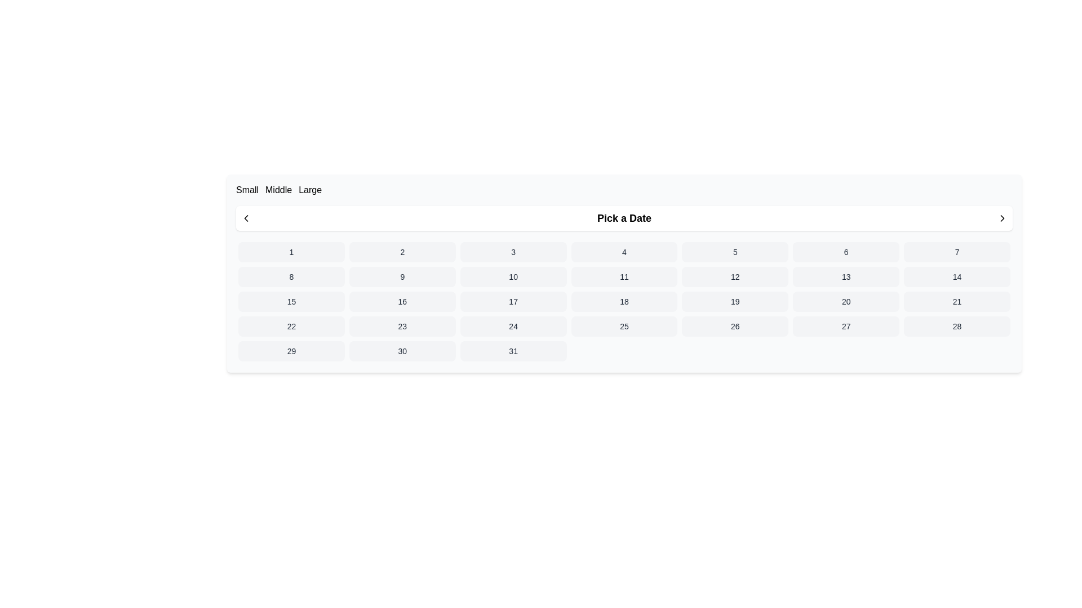 The width and height of the screenshot is (1082, 608). Describe the element at coordinates (513, 277) in the screenshot. I see `the button labeled '10' with rounded corners and a light gray background, located in the fourth column of the second row of the grid layout` at that location.